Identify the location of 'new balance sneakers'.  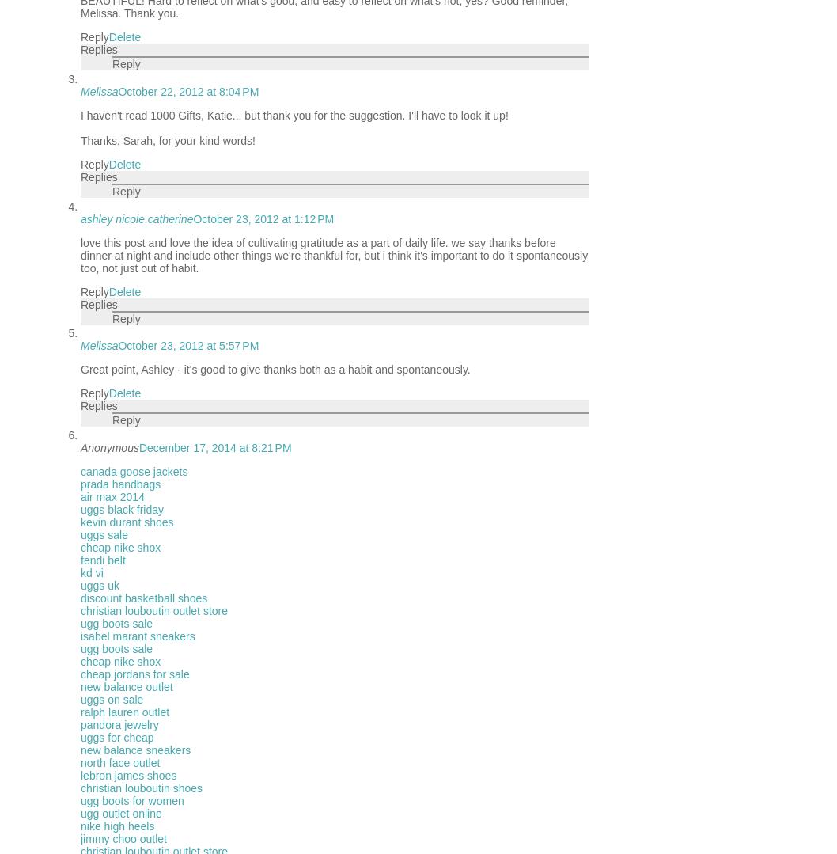
(134, 750).